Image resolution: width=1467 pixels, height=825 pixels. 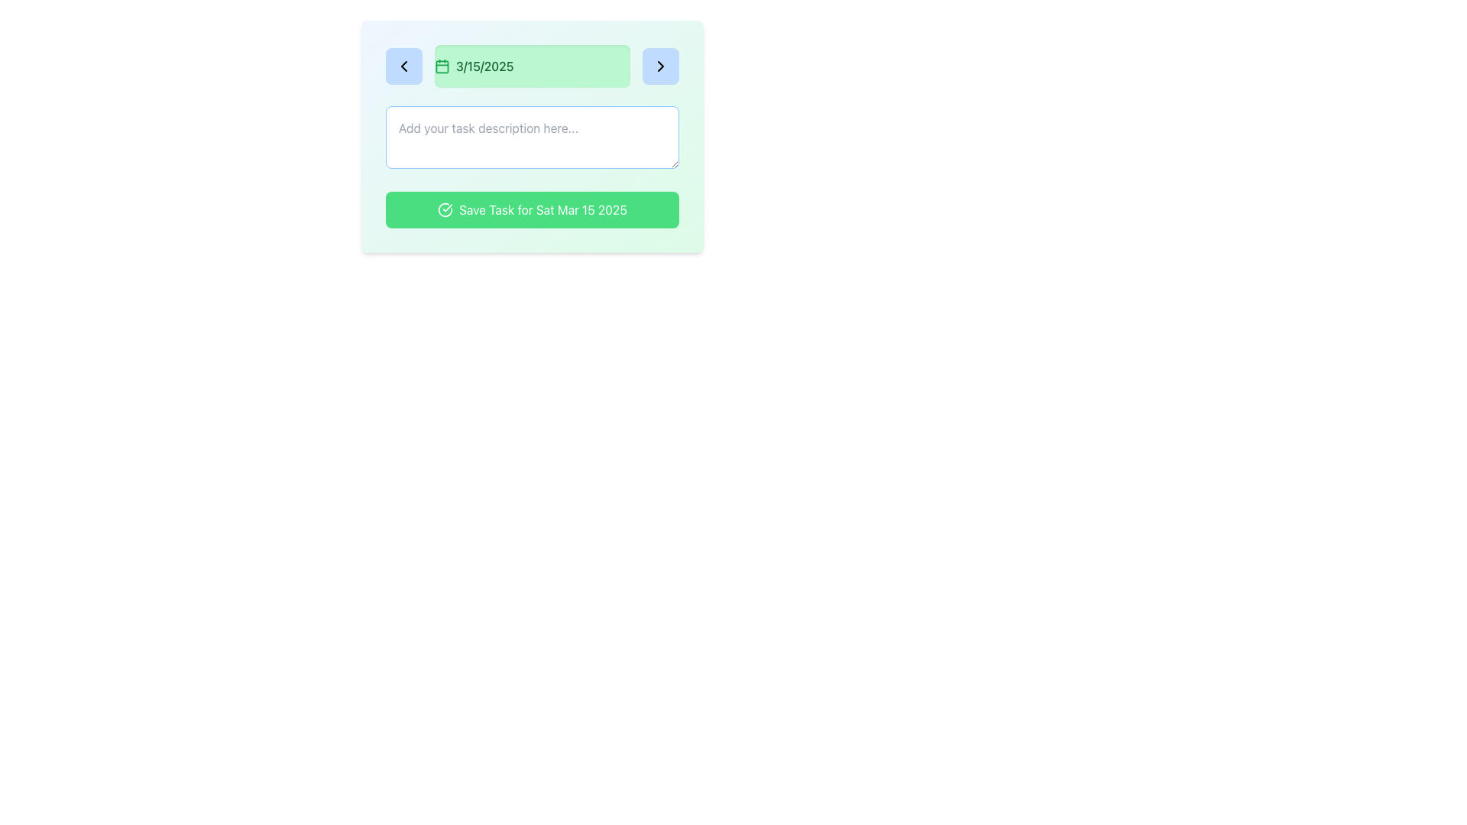 What do you see at coordinates (660, 66) in the screenshot?
I see `the right-pointing arrow icon within the blue rounded rectangular button` at bounding box center [660, 66].